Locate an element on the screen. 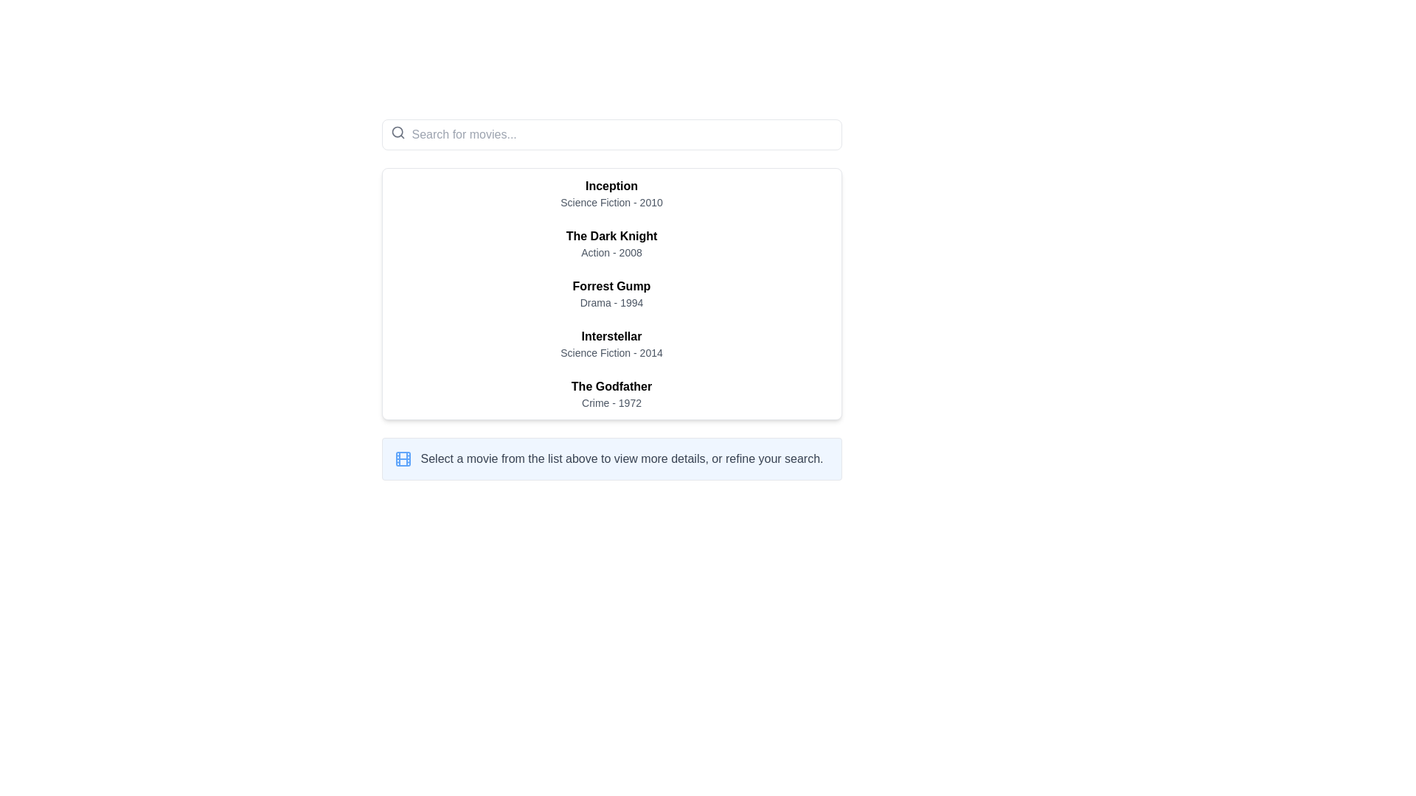 This screenshot has width=1416, height=796. the selectable list item representing the movie 'Interstellar', which is the fourth item in the dropdown menu, positioned between 'Forrest Gump - Drama - 1994' and 'The Godfather - Crime - 1972' is located at coordinates (611, 343).